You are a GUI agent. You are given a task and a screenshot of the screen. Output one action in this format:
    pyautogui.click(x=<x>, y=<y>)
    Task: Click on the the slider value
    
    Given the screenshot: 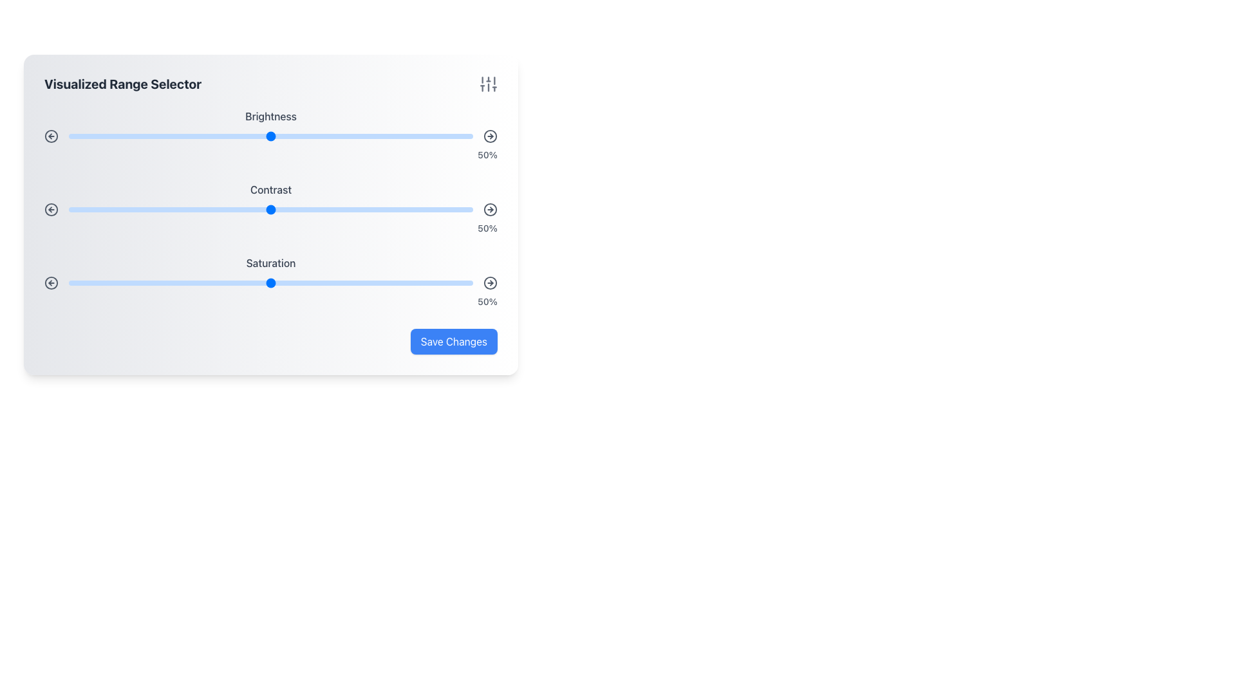 What is the action you would take?
    pyautogui.click(x=109, y=209)
    